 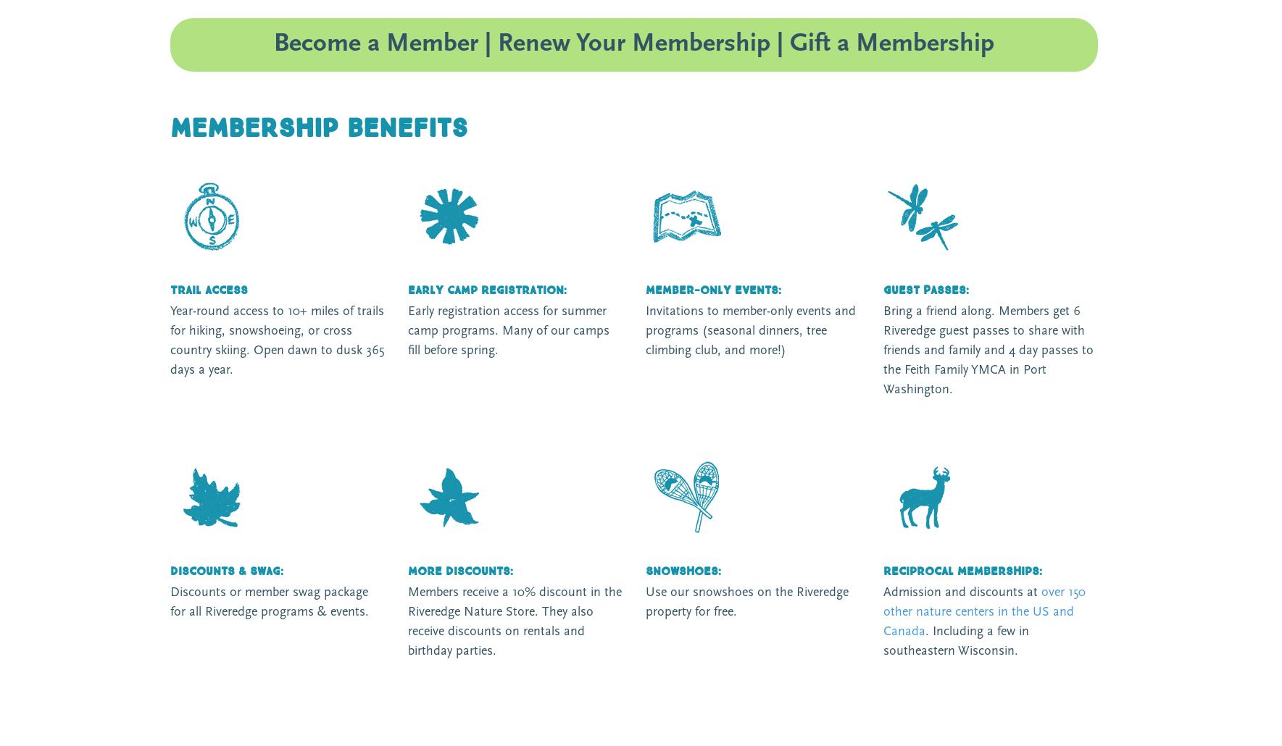 What do you see at coordinates (508, 330) in the screenshot?
I see `'Early registration access for summer camp programs. Many of our camps fill before spring.'` at bounding box center [508, 330].